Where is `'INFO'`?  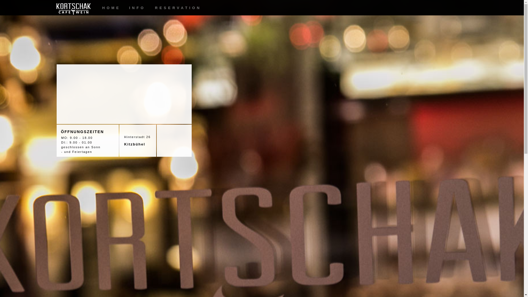
'INFO' is located at coordinates (123, 8).